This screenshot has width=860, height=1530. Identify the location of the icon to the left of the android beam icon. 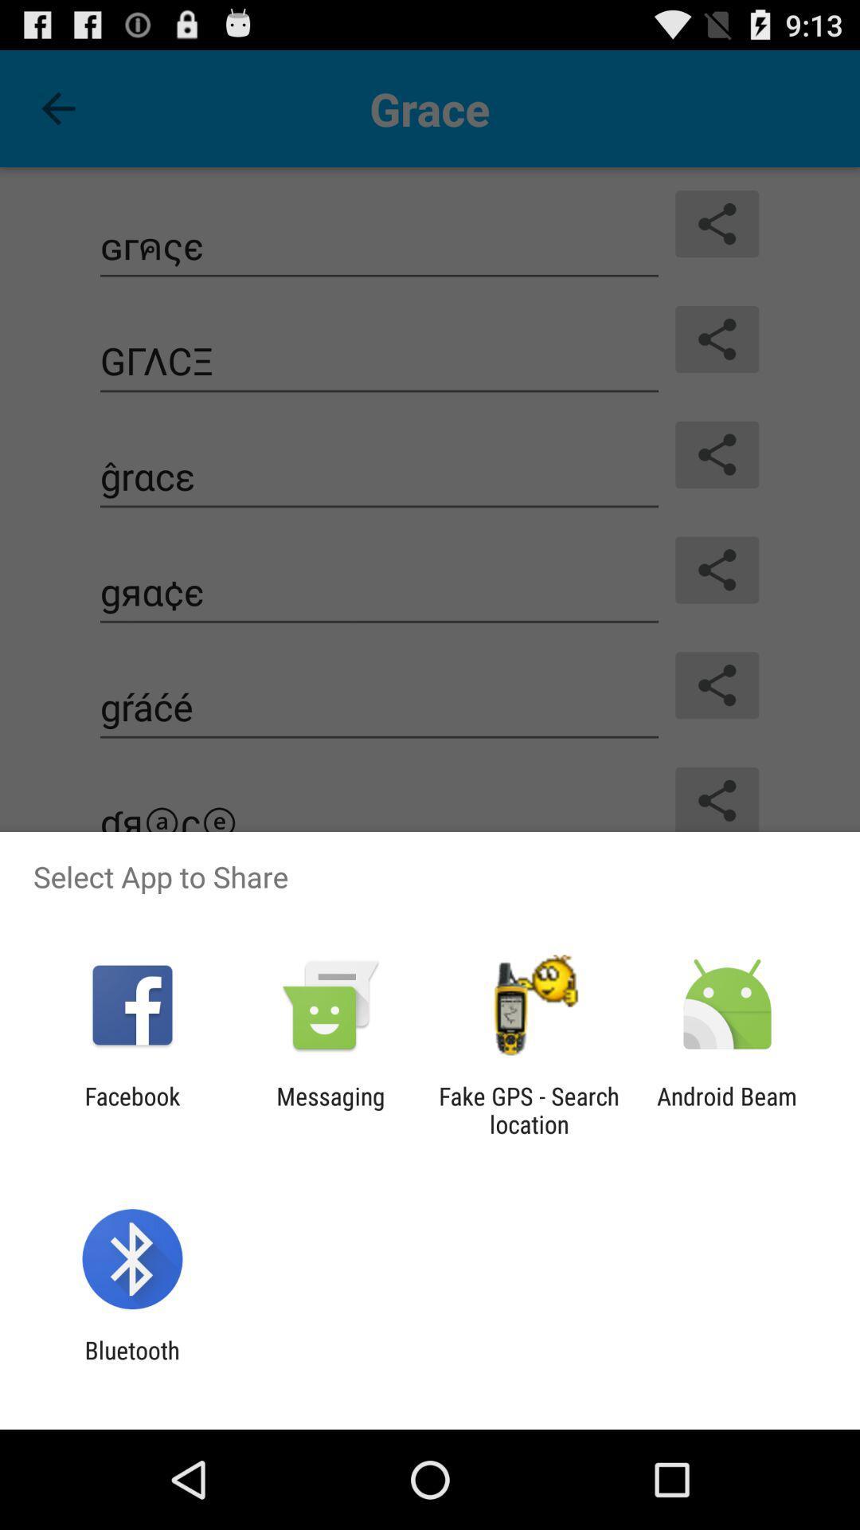
(529, 1109).